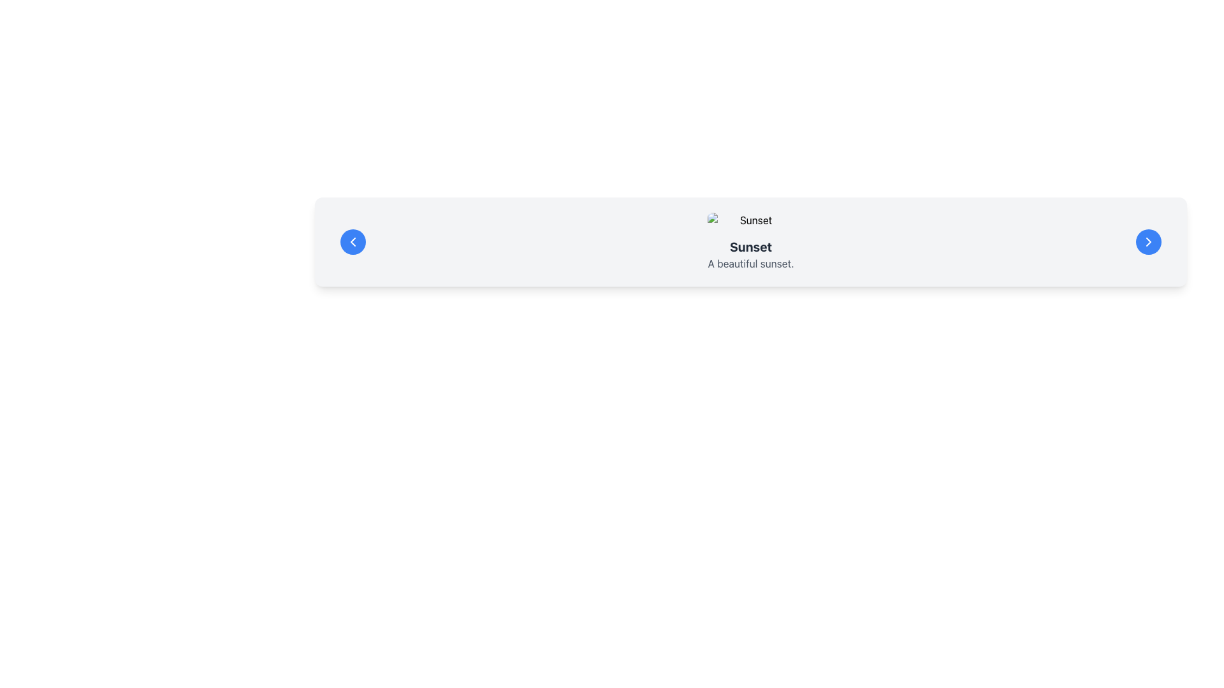 The height and width of the screenshot is (688, 1224). What do you see at coordinates (1148, 242) in the screenshot?
I see `the small rightward-facing chevron icon located within the blue circular button in the top-right corner of the content box` at bounding box center [1148, 242].